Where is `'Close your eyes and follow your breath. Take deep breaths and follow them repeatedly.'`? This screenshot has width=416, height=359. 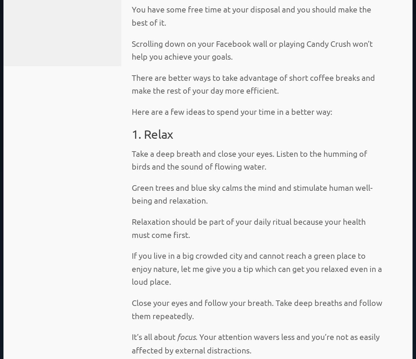 'Close your eyes and follow your breath. Take deep breaths and follow them repeatedly.' is located at coordinates (257, 309).